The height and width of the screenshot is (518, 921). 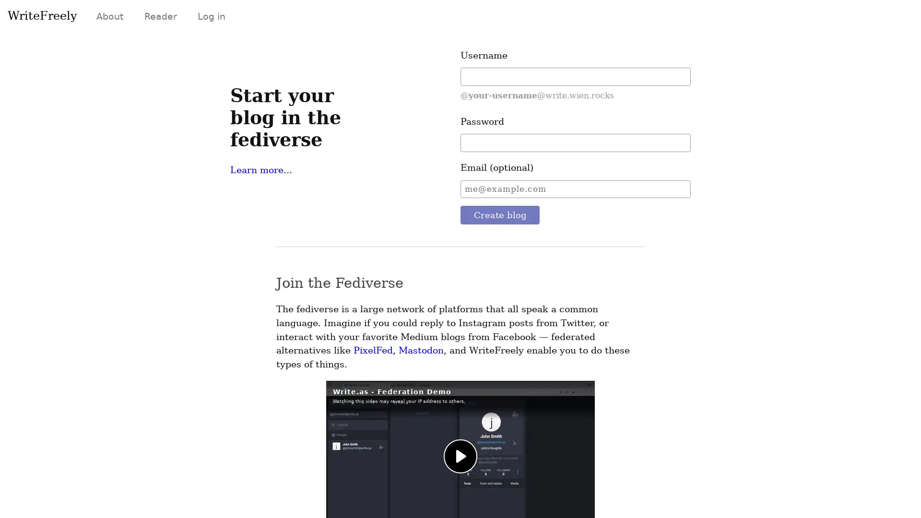 I want to click on Create blog, so click(x=500, y=216).